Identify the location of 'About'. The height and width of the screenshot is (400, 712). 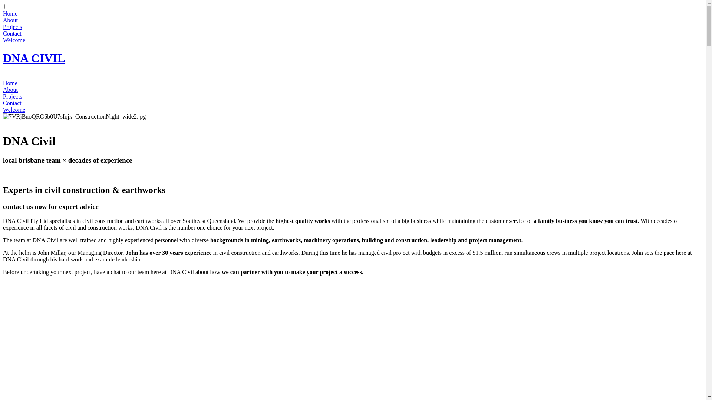
(3, 20).